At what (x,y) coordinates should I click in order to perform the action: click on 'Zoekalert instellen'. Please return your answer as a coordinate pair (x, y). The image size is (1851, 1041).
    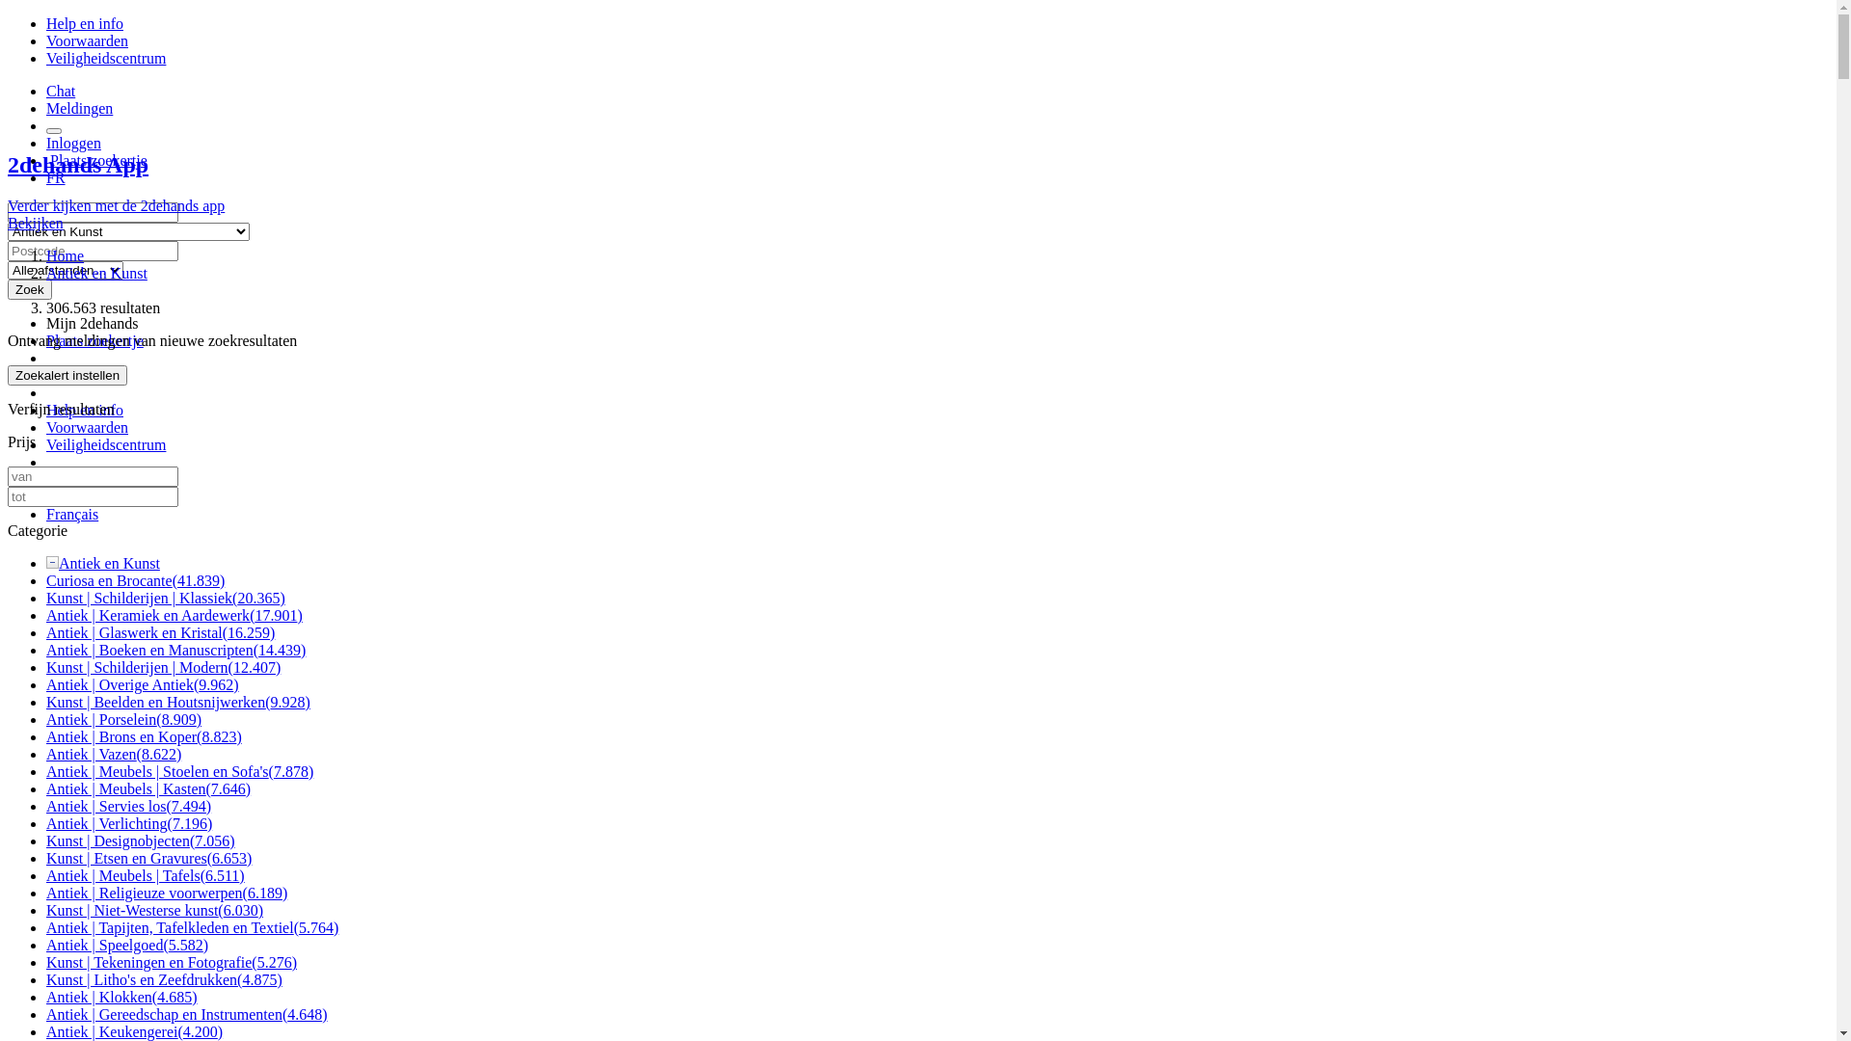
    Looking at the image, I should click on (67, 375).